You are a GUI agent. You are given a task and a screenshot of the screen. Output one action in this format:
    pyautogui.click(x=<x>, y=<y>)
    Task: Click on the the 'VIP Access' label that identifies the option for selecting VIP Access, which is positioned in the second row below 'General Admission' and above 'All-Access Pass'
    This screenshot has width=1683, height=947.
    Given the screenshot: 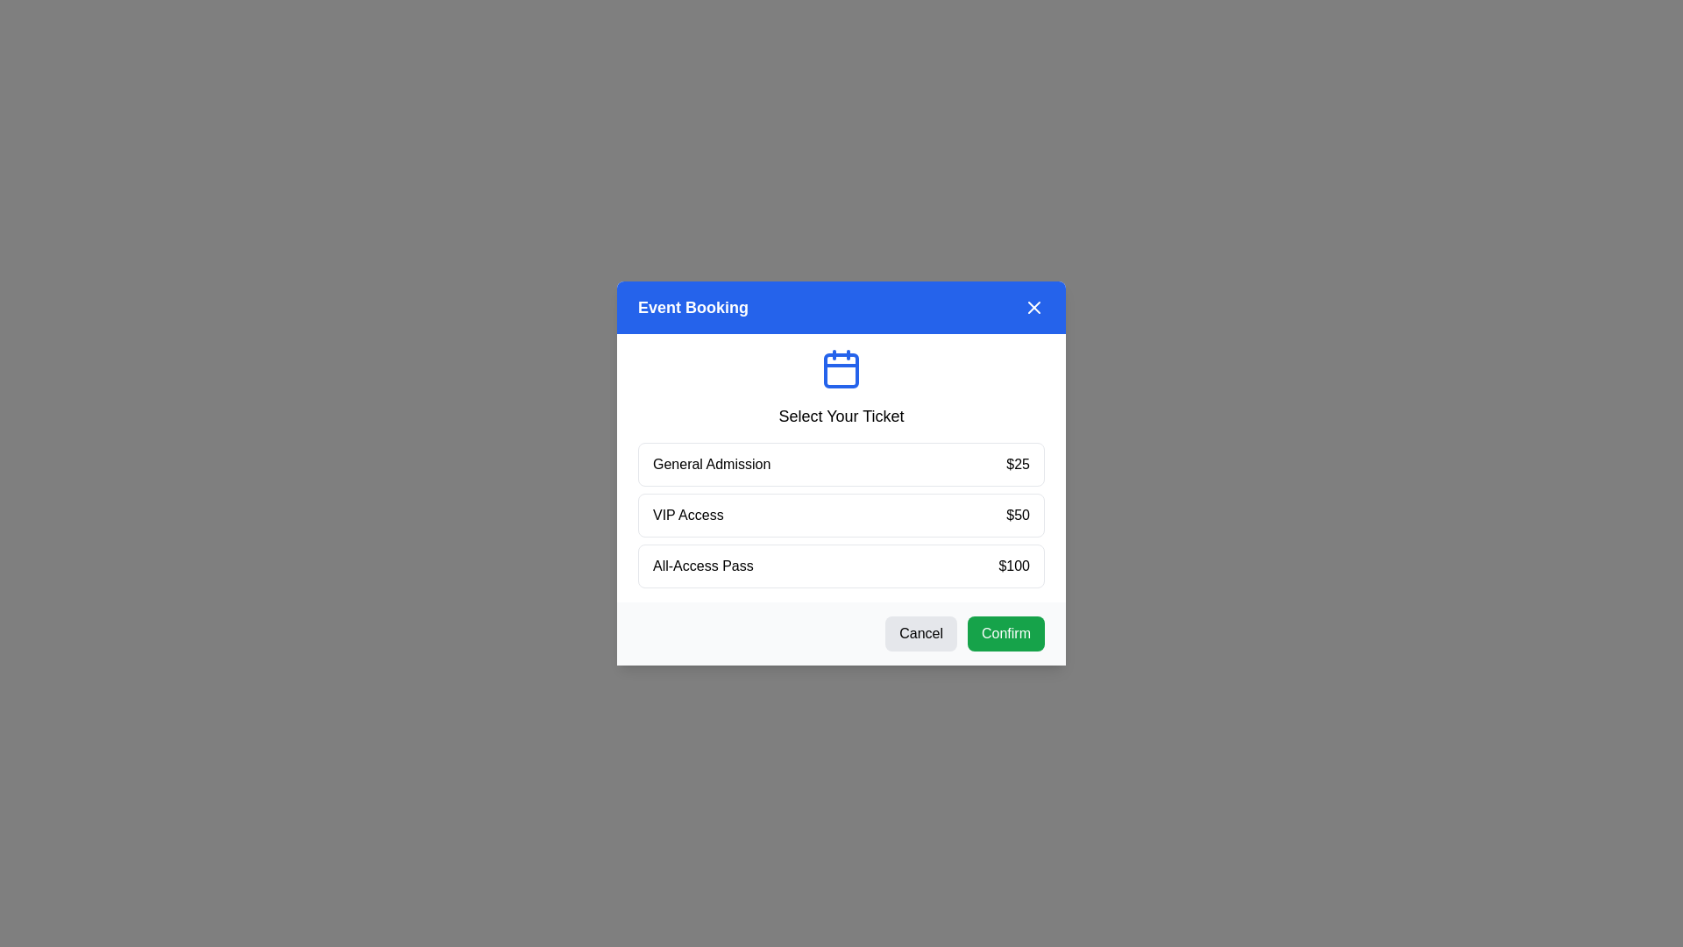 What is the action you would take?
    pyautogui.click(x=687, y=514)
    